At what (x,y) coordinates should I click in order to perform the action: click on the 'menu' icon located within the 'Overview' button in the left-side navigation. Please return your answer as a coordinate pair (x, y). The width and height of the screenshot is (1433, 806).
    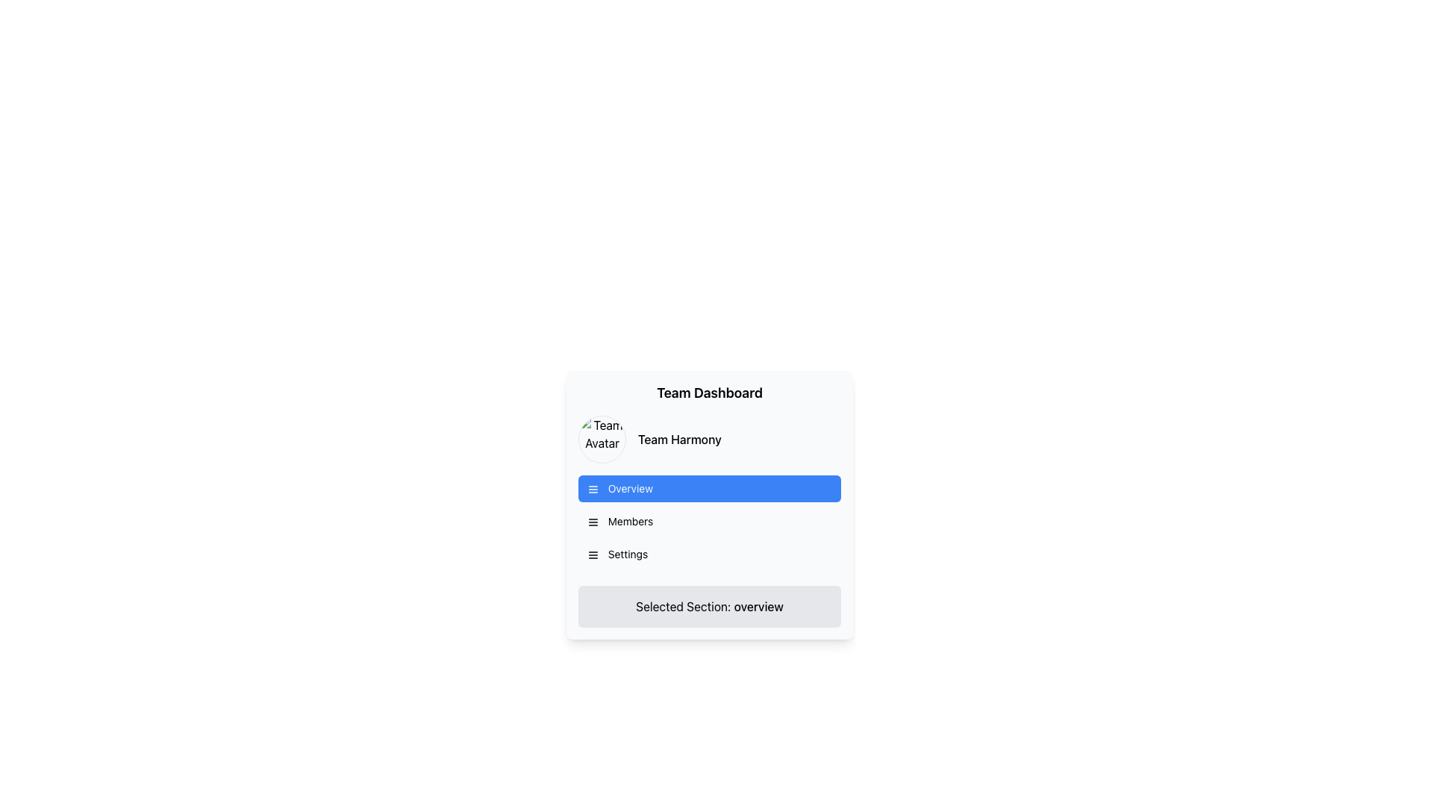
    Looking at the image, I should click on (593, 489).